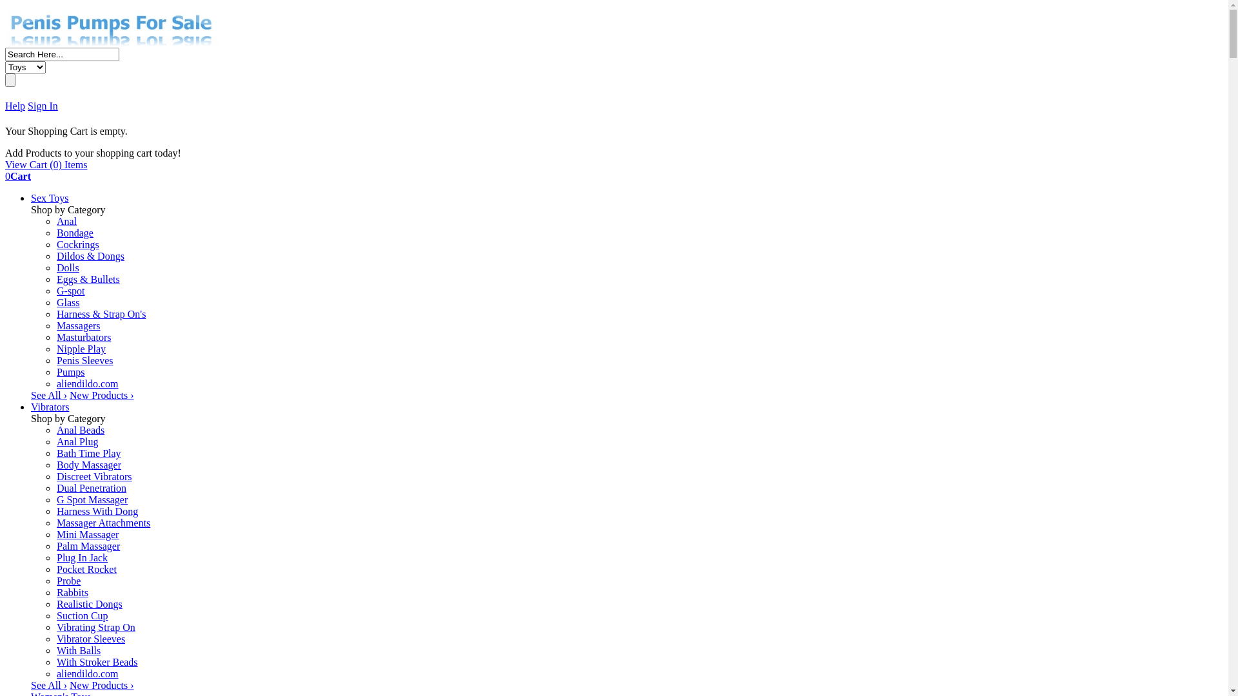  Describe the element at coordinates (66, 220) in the screenshot. I see `'Anal'` at that location.